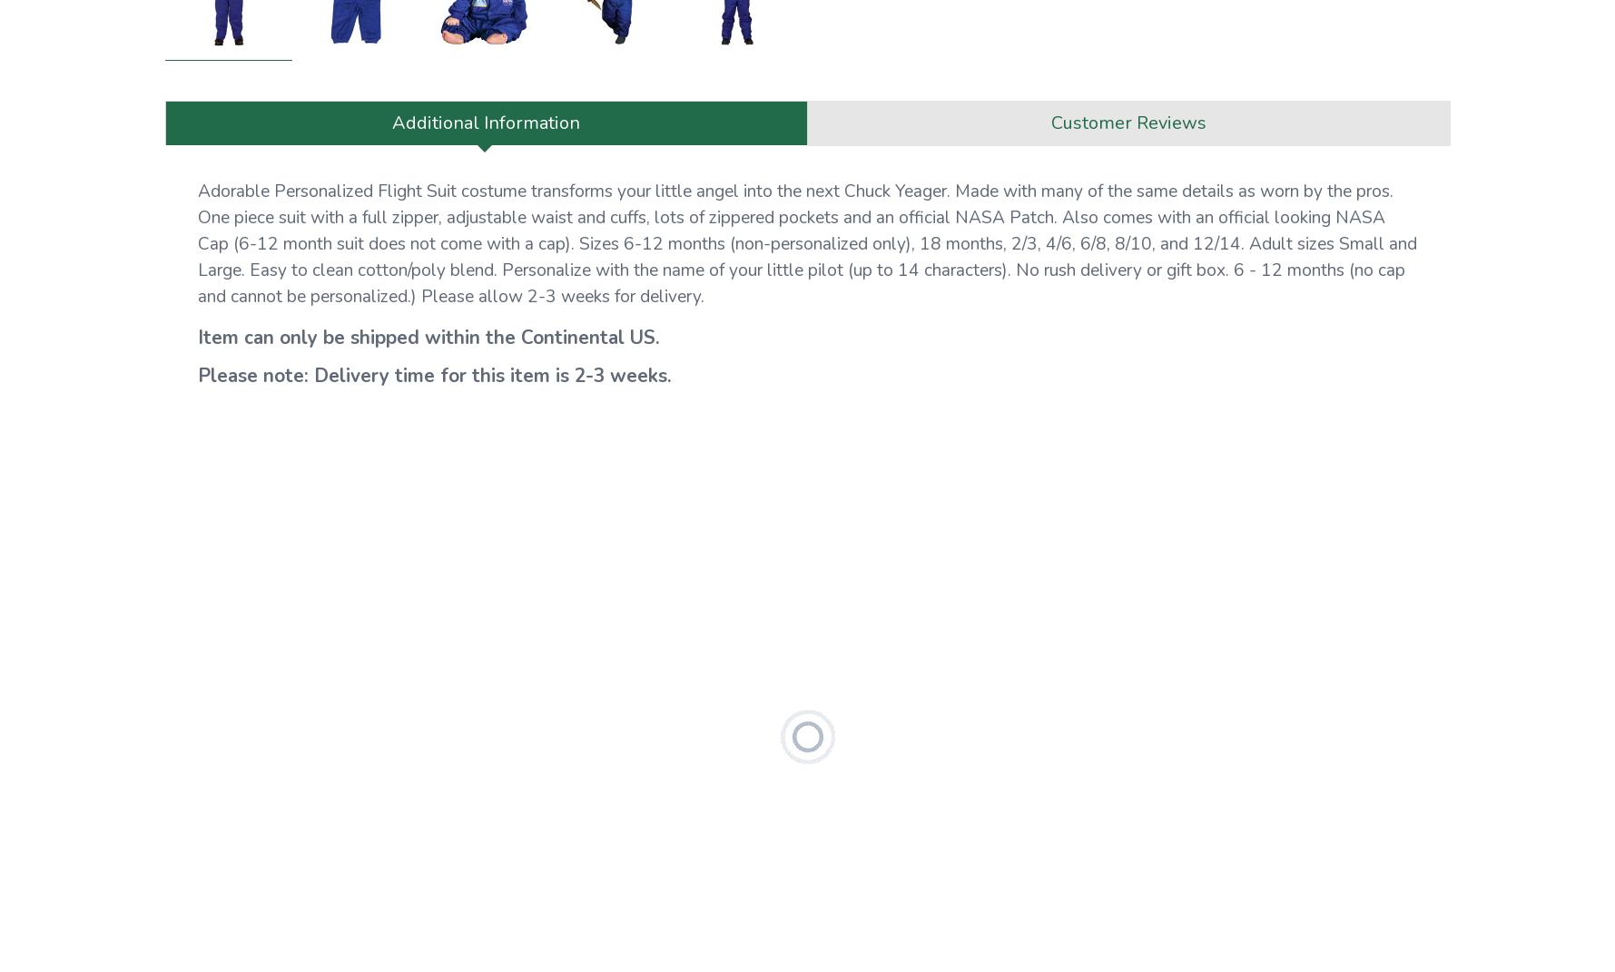  I want to click on 'Digital Accessibility Statement', so click(262, 247).